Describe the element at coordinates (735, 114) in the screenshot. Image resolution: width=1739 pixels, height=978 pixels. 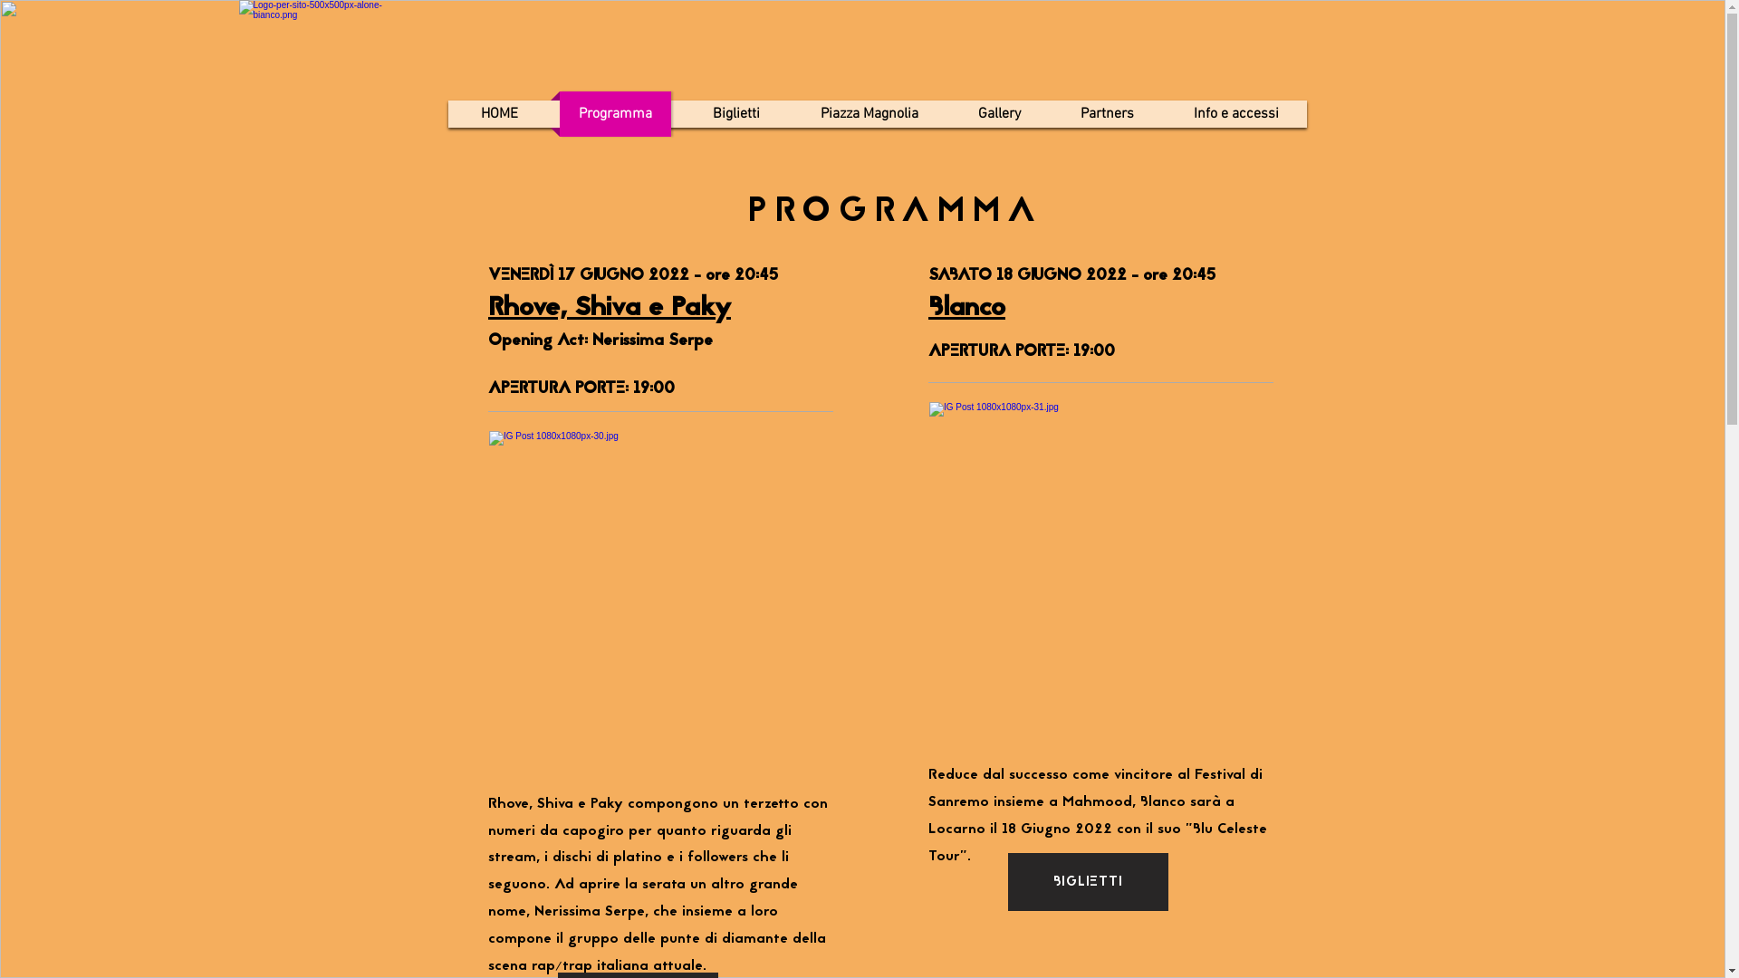
I see `'Biglietti'` at that location.